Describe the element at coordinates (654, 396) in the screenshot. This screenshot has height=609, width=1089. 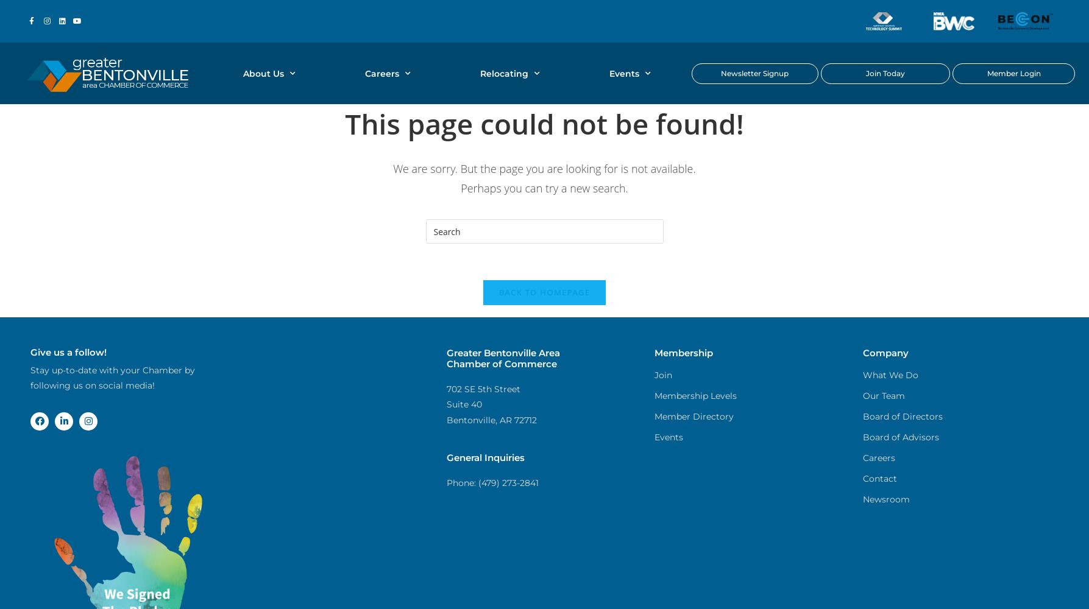
I see `'Membership Levels'` at that location.